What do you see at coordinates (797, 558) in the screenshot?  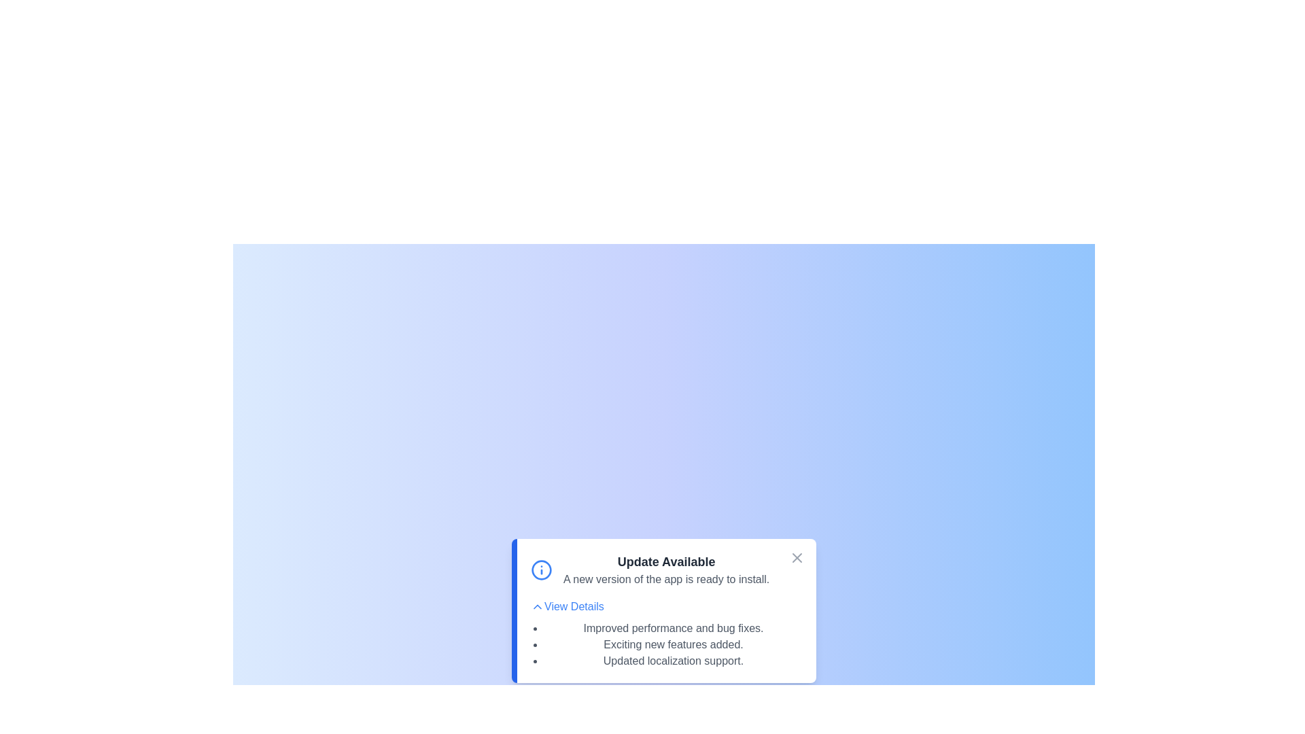 I see `the 'X' button to close the alert` at bounding box center [797, 558].